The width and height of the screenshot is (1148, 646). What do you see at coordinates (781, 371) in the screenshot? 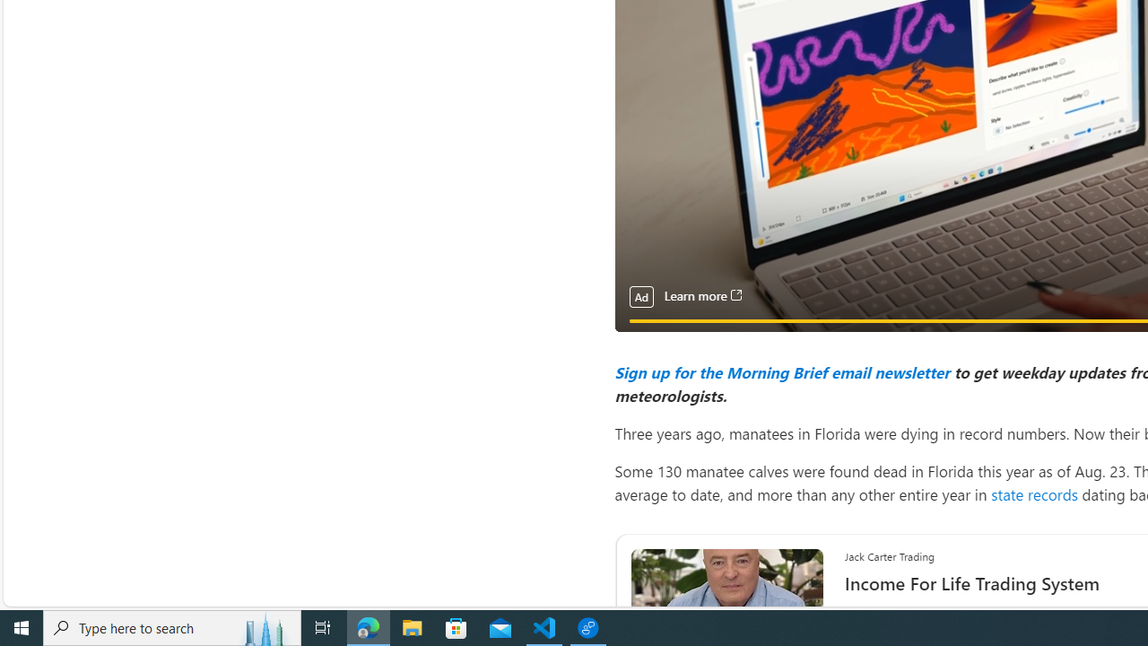
I see `'Sign up for the Morning Brief email newsletter'` at bounding box center [781, 371].